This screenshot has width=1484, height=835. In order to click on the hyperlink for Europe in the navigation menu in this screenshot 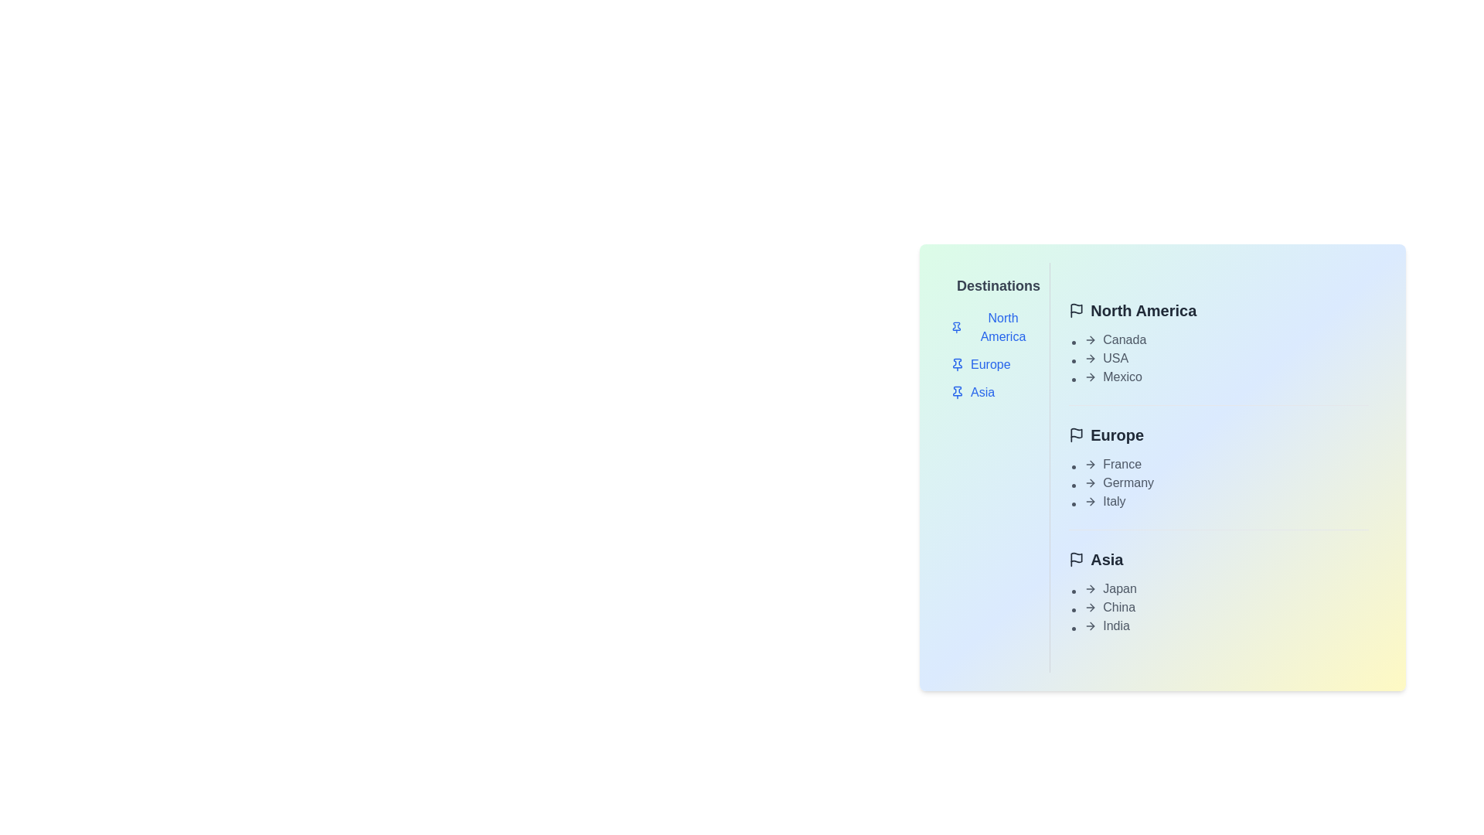, I will do `click(994, 364)`.